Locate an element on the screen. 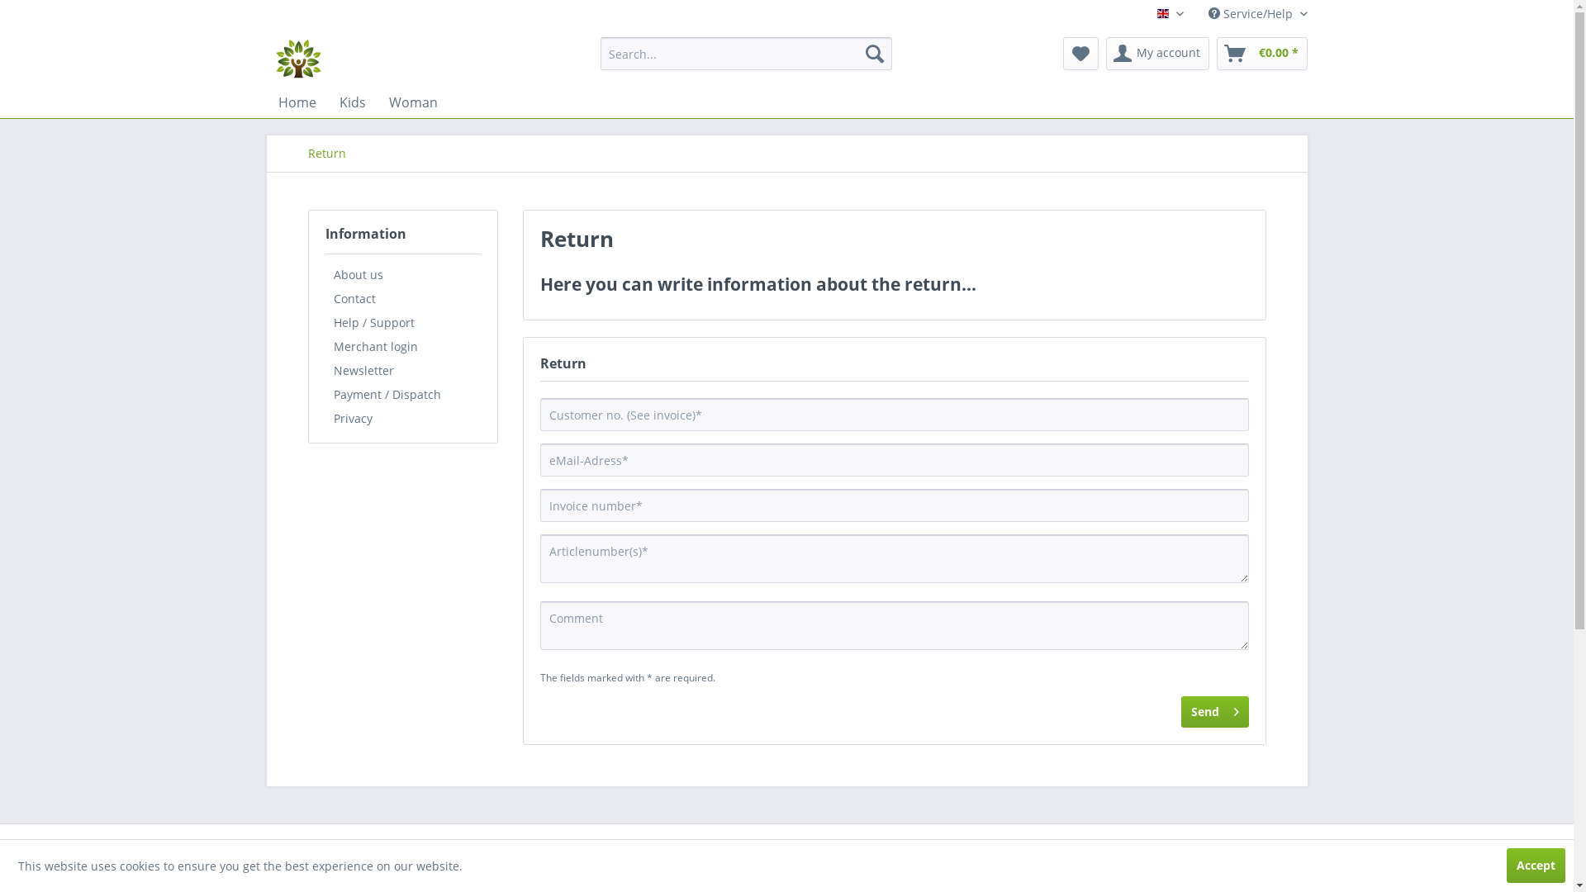 The height and width of the screenshot is (892, 1586). 'Bachremedy English - Switch to homepage' is located at coordinates (297, 56).